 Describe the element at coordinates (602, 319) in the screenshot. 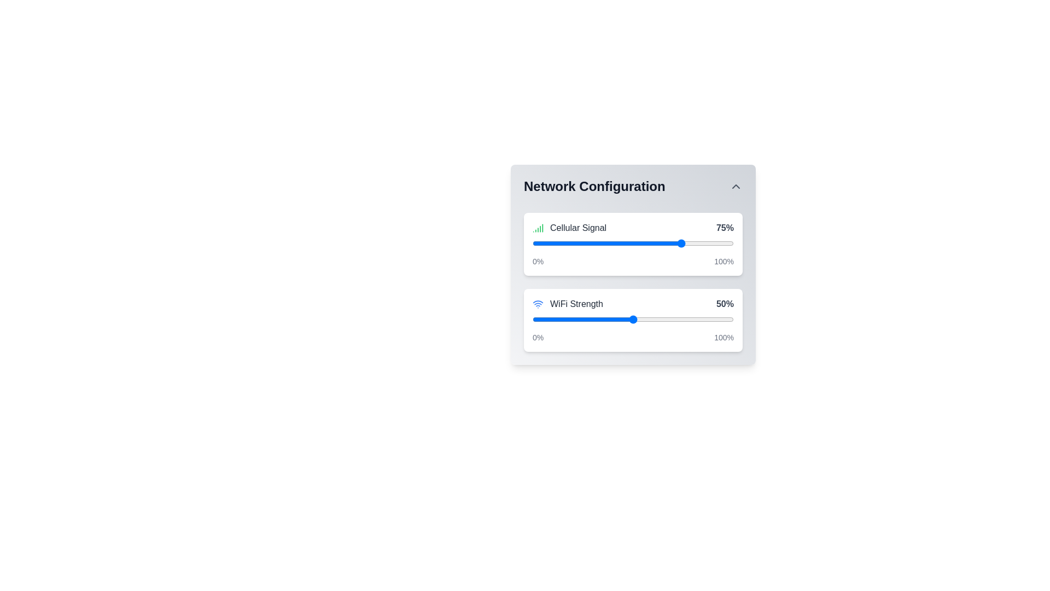

I see `the WiFi strength` at that location.